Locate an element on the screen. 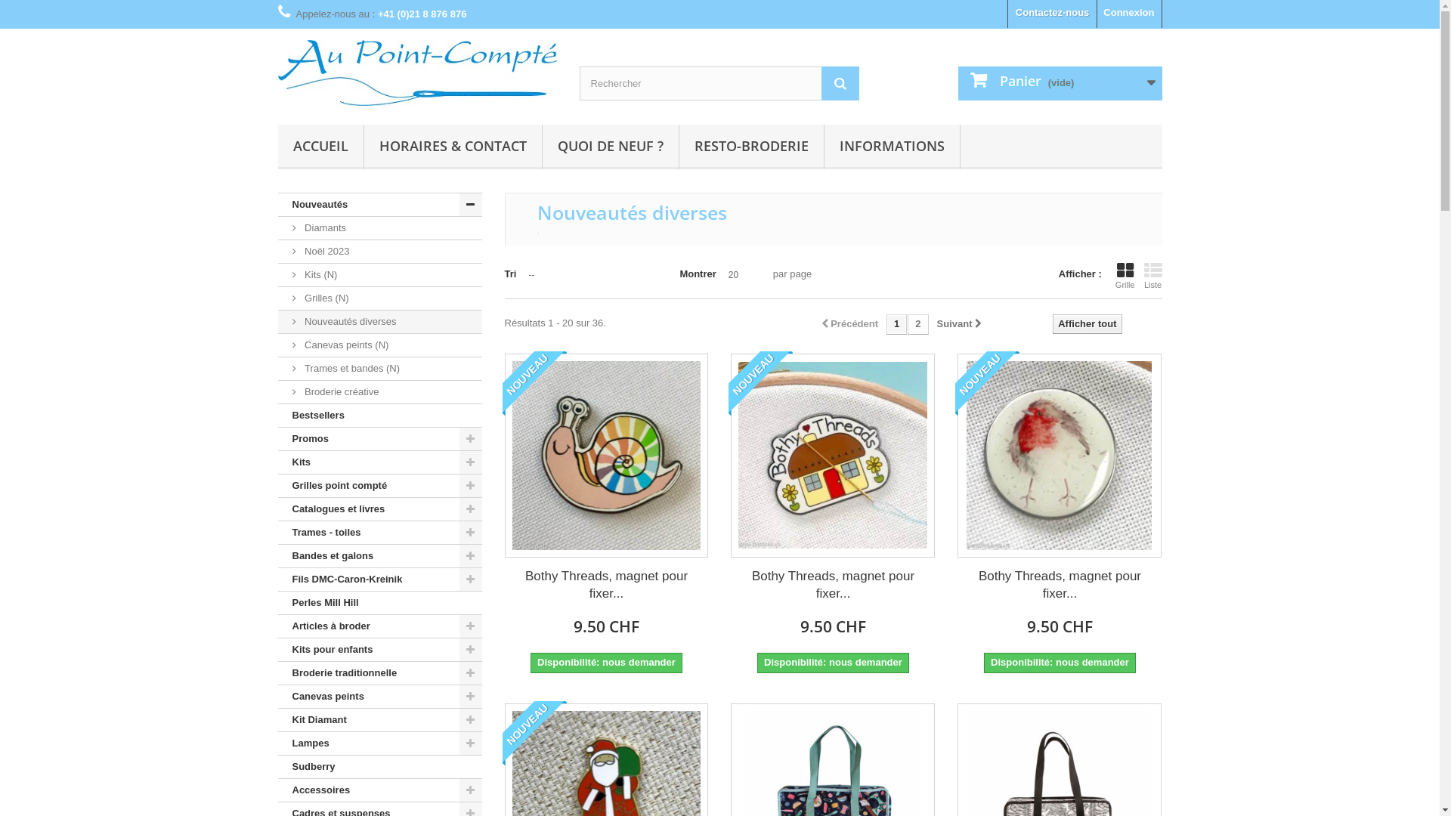  'Sudberry' is located at coordinates (380, 767).